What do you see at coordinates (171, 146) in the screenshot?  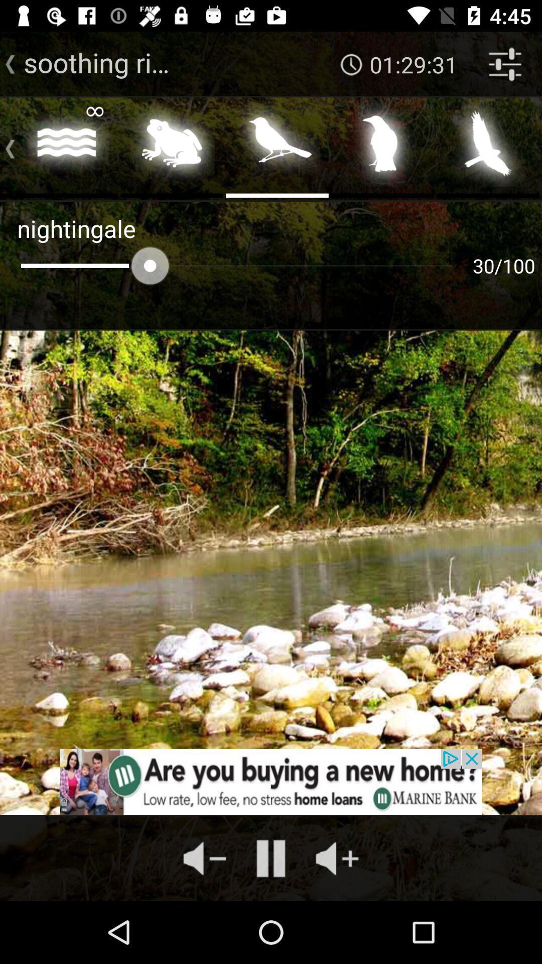 I see `frog sounds` at bounding box center [171, 146].